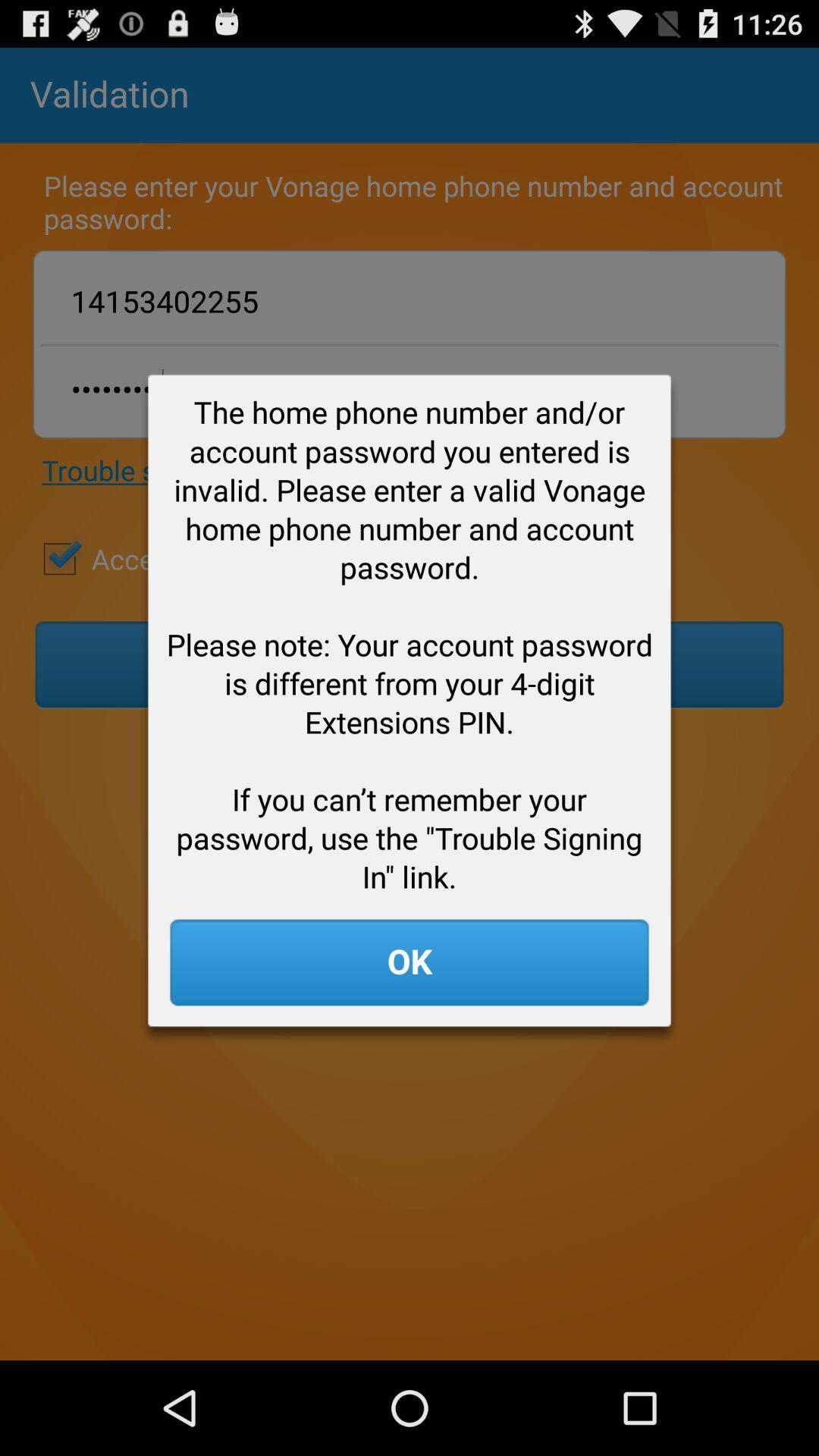  I want to click on the ok, so click(409, 962).